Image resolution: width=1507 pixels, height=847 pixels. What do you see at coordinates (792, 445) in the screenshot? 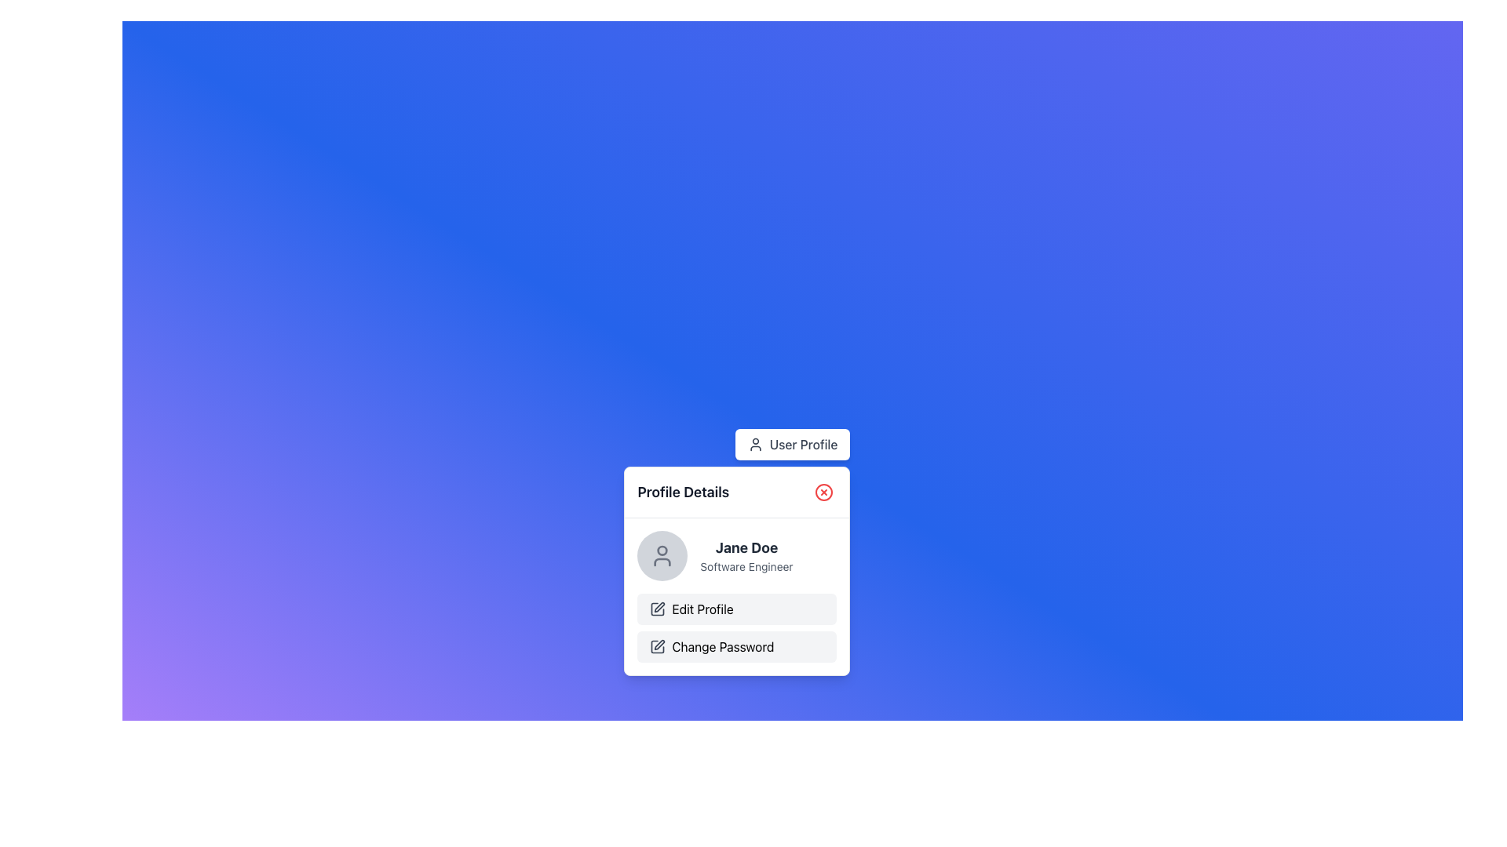
I see `the 'User Profile' button, which is a rectangular button with a white background and rounded corners, located centrally at the top of the profile details section` at bounding box center [792, 445].